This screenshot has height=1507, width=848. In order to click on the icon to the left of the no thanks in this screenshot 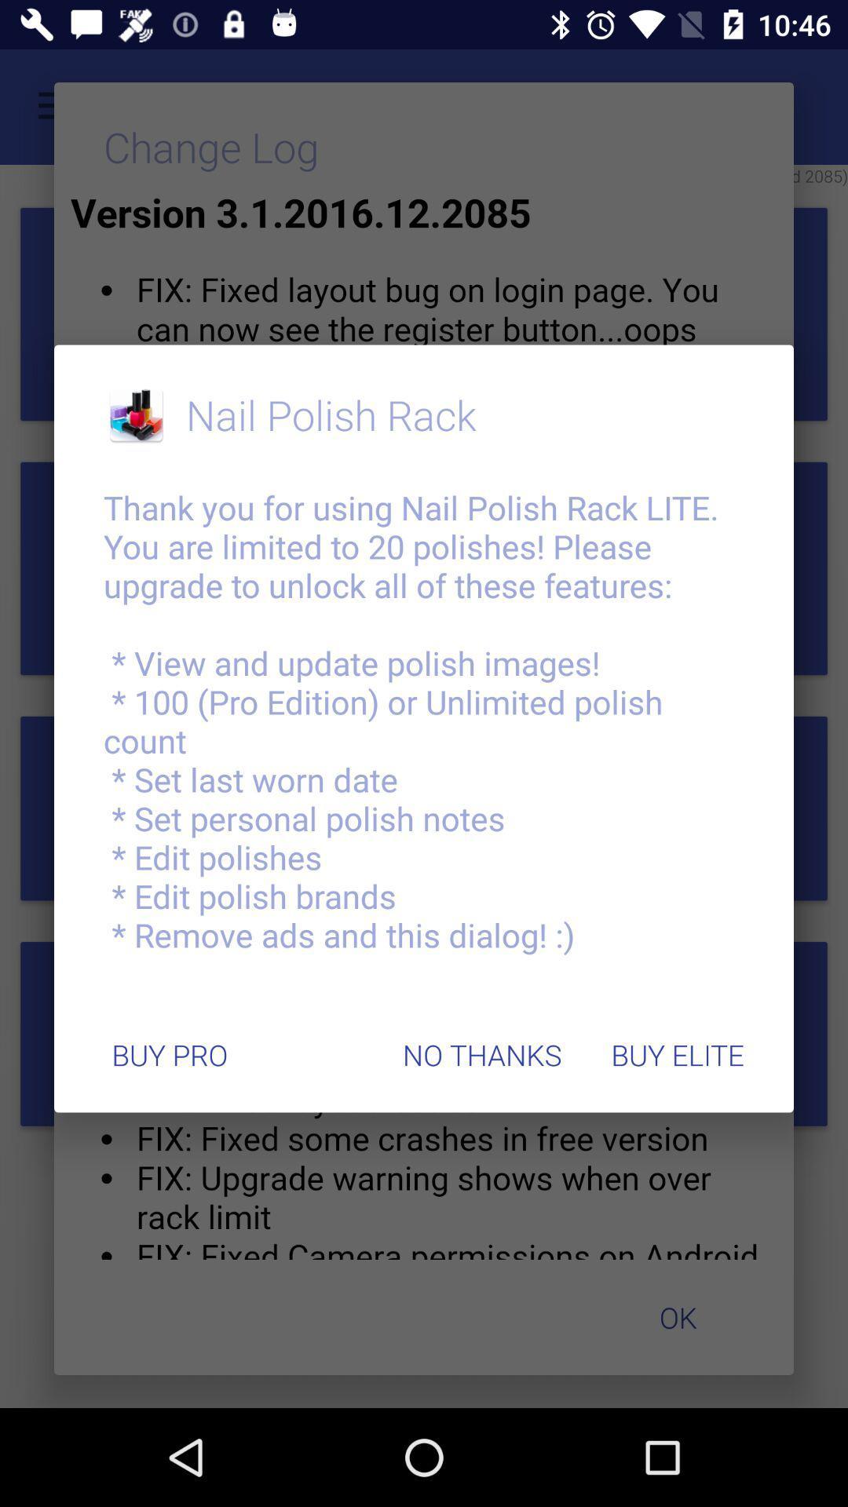, I will do `click(170, 1055)`.